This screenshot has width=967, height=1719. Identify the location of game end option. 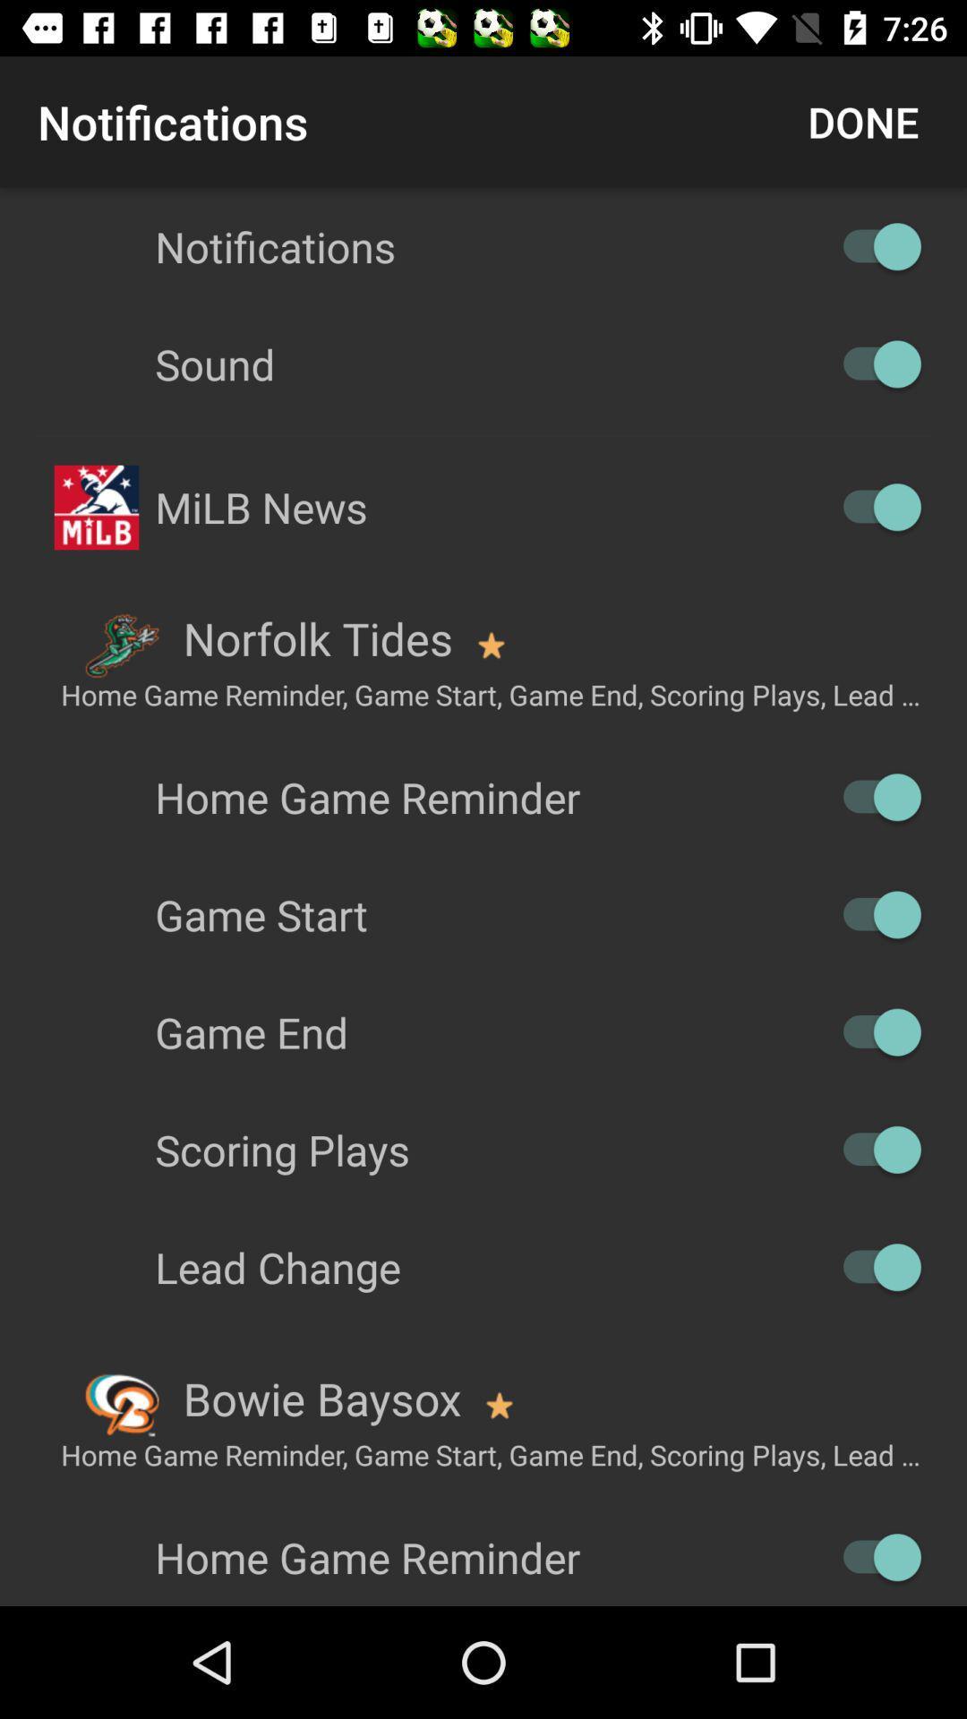
(872, 1032).